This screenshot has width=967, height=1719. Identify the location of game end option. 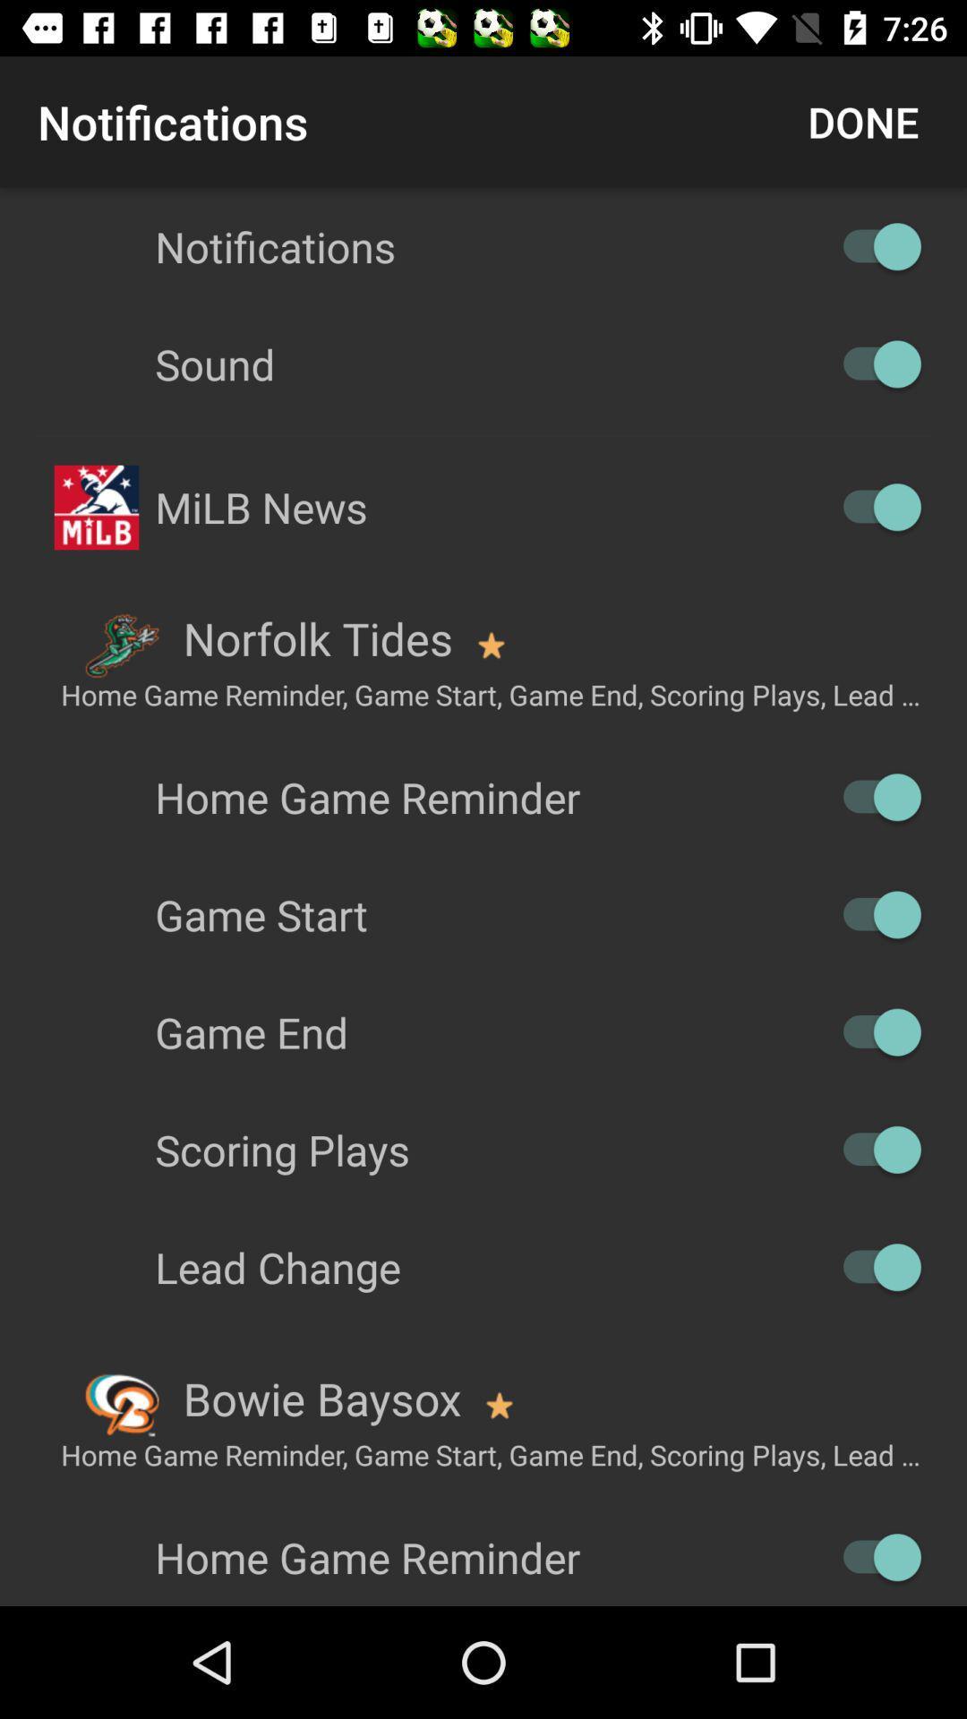
(872, 1032).